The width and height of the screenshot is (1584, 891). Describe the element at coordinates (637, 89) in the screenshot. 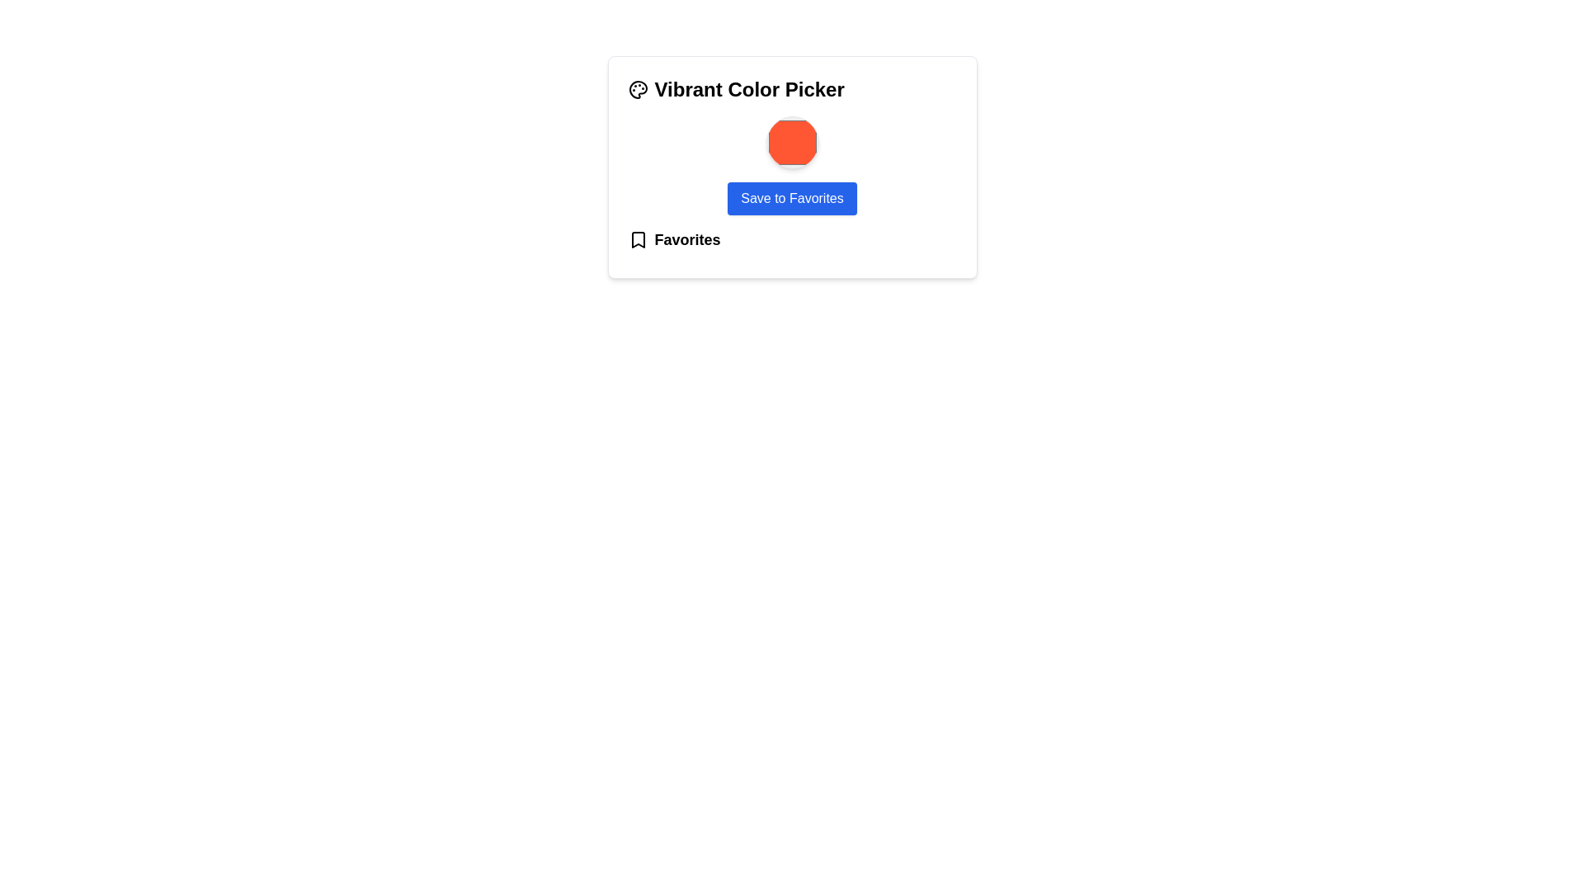

I see `the small painter's palette icon located to the left of the 'Vibrant Color Picker' text` at that location.